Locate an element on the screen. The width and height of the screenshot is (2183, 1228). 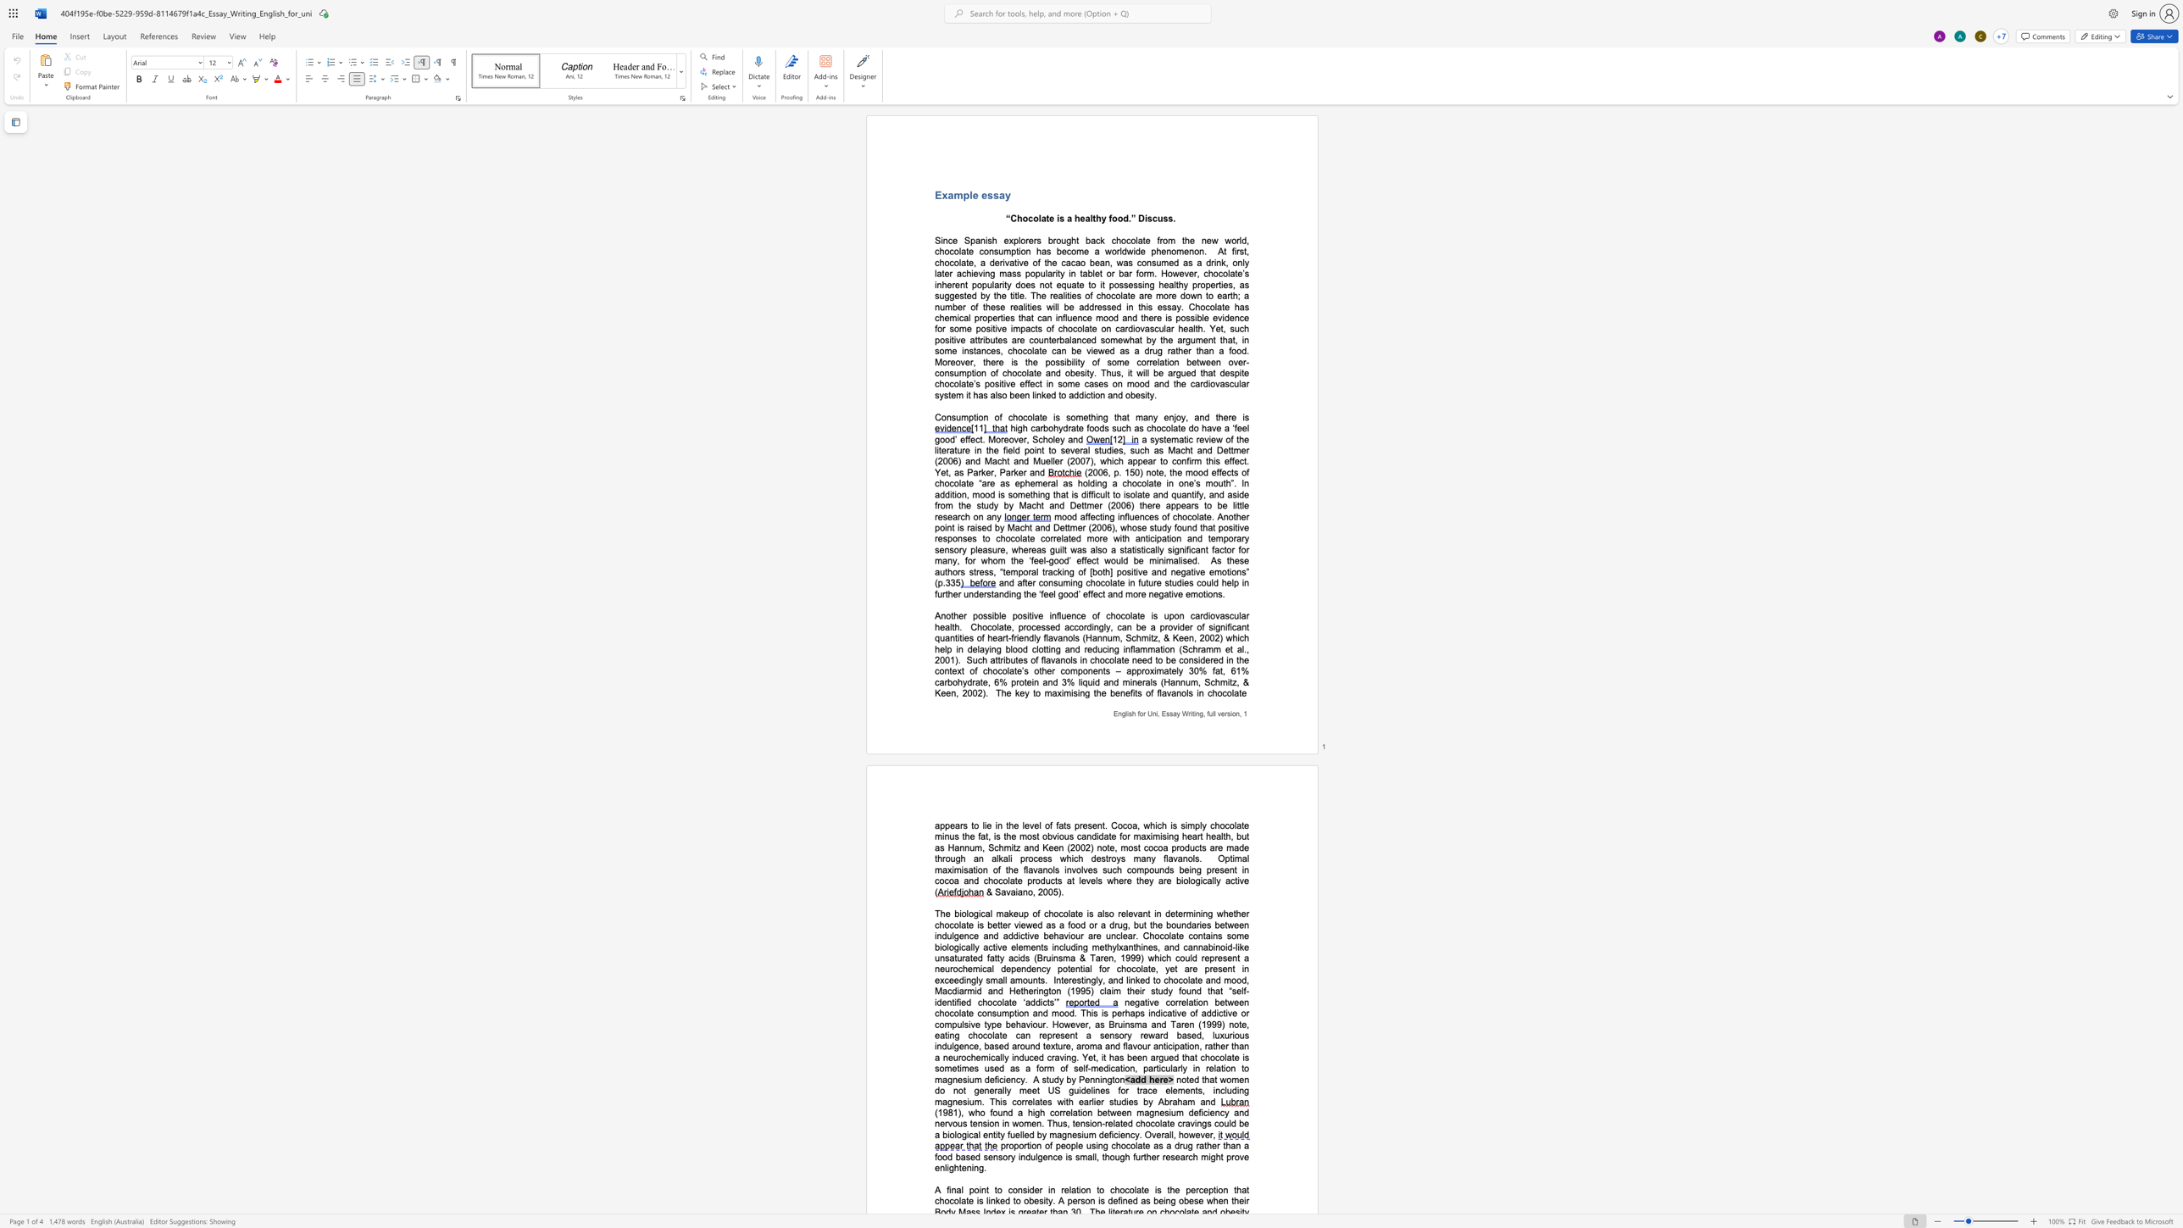
the space between the continuous character "t" and "e" in the text is located at coordinates (1140, 615).